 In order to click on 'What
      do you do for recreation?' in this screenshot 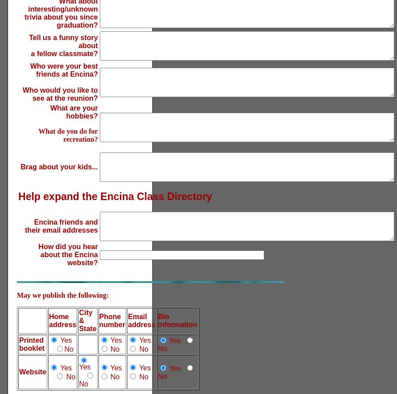, I will do `click(38, 135)`.